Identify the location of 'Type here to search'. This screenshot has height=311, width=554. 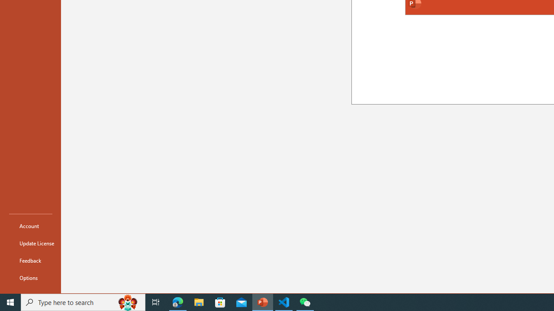
(83, 301).